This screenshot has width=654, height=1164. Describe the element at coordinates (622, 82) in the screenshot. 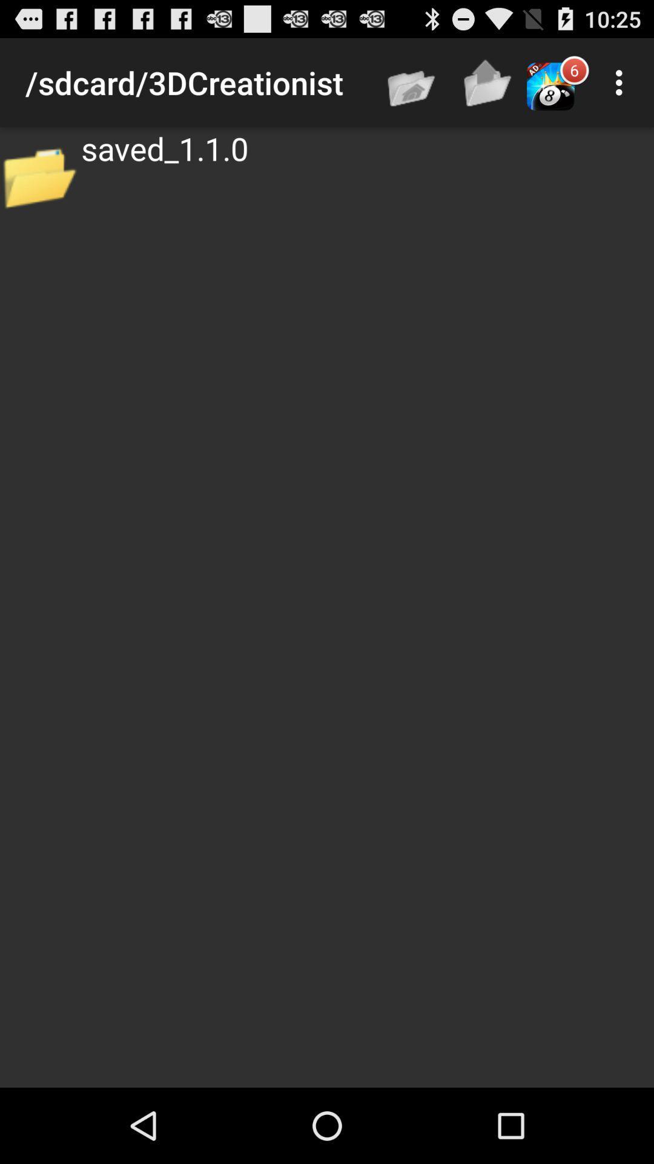

I see `item to the right of 6 icon` at that location.